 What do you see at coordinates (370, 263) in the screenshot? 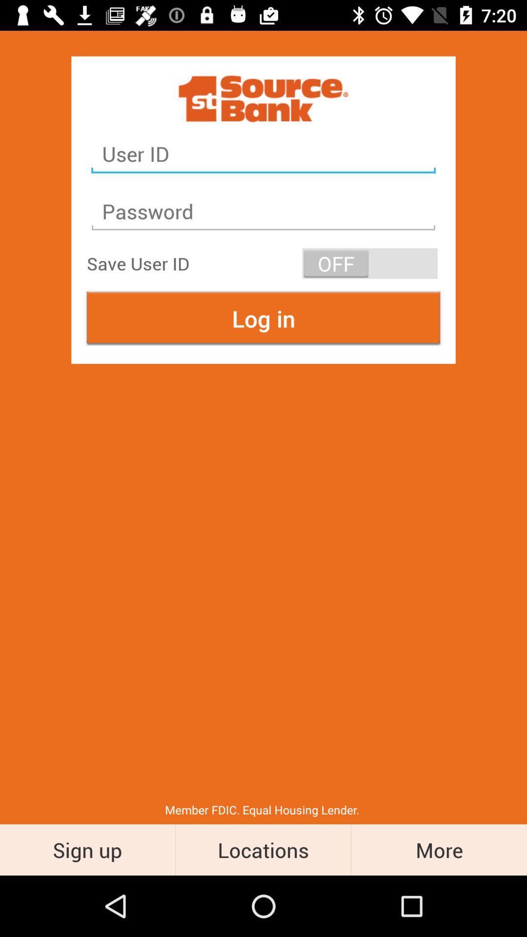
I see `the item to the right of save user id item` at bounding box center [370, 263].